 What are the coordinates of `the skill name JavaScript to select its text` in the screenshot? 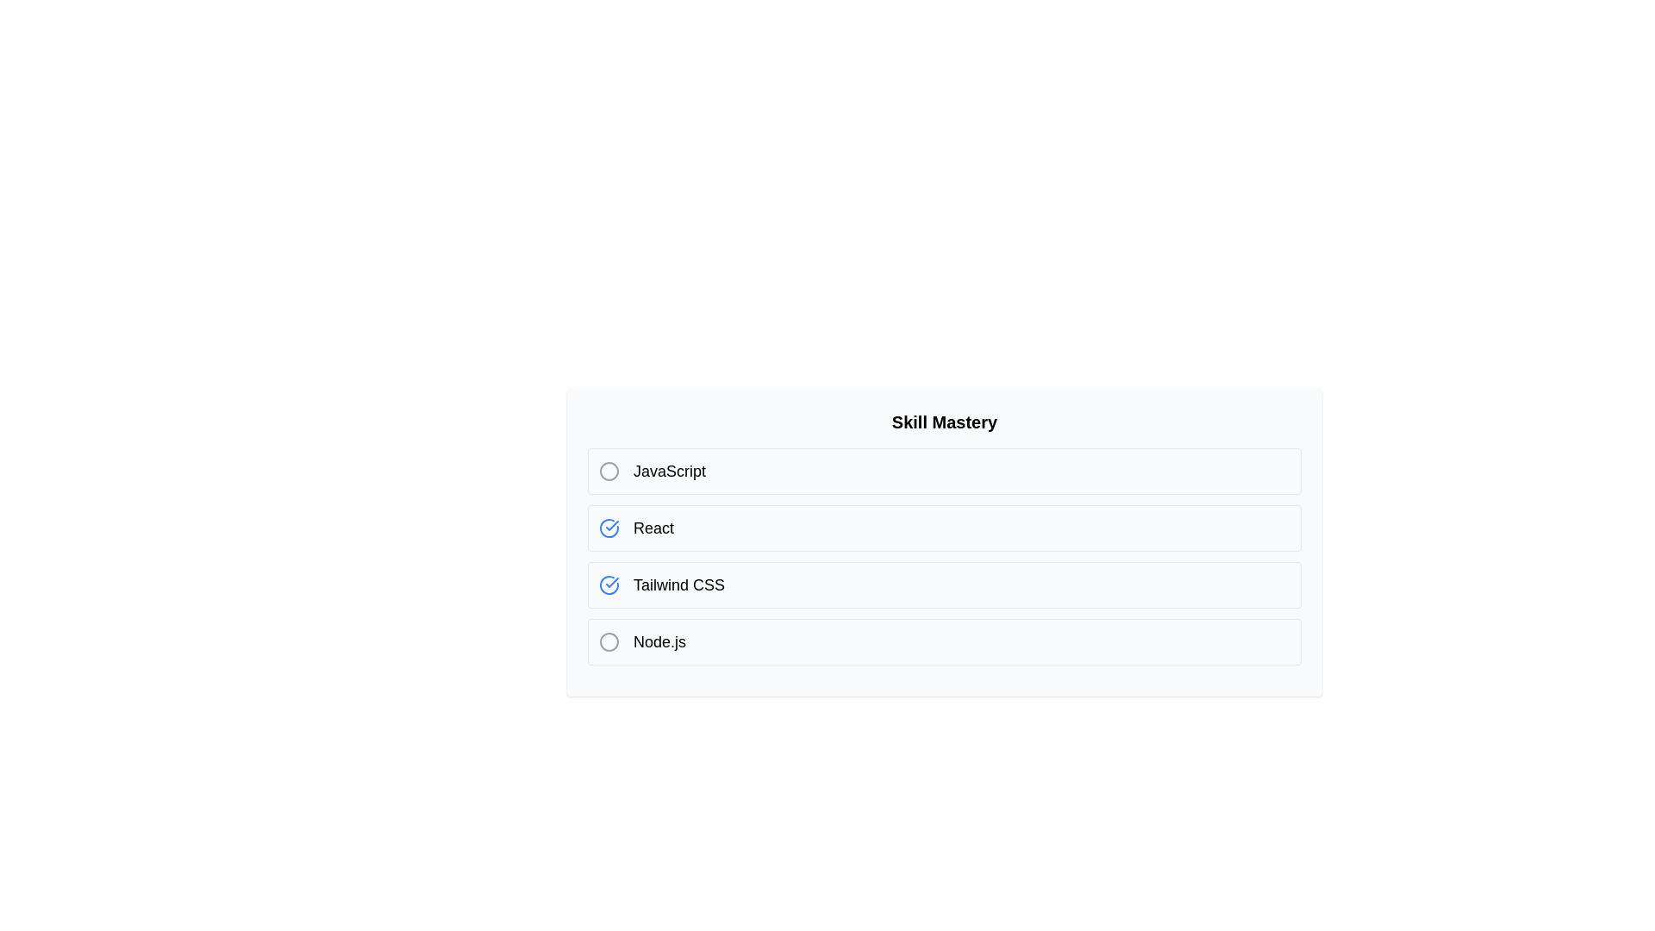 It's located at (669, 472).